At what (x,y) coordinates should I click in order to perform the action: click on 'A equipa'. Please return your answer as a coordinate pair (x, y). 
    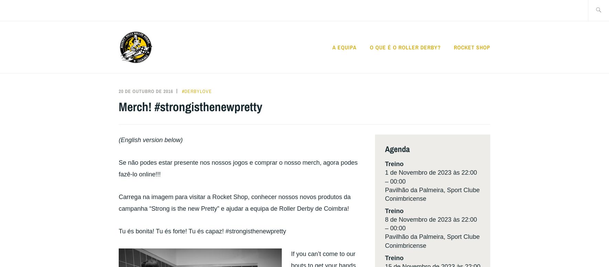
    Looking at the image, I should click on (344, 47).